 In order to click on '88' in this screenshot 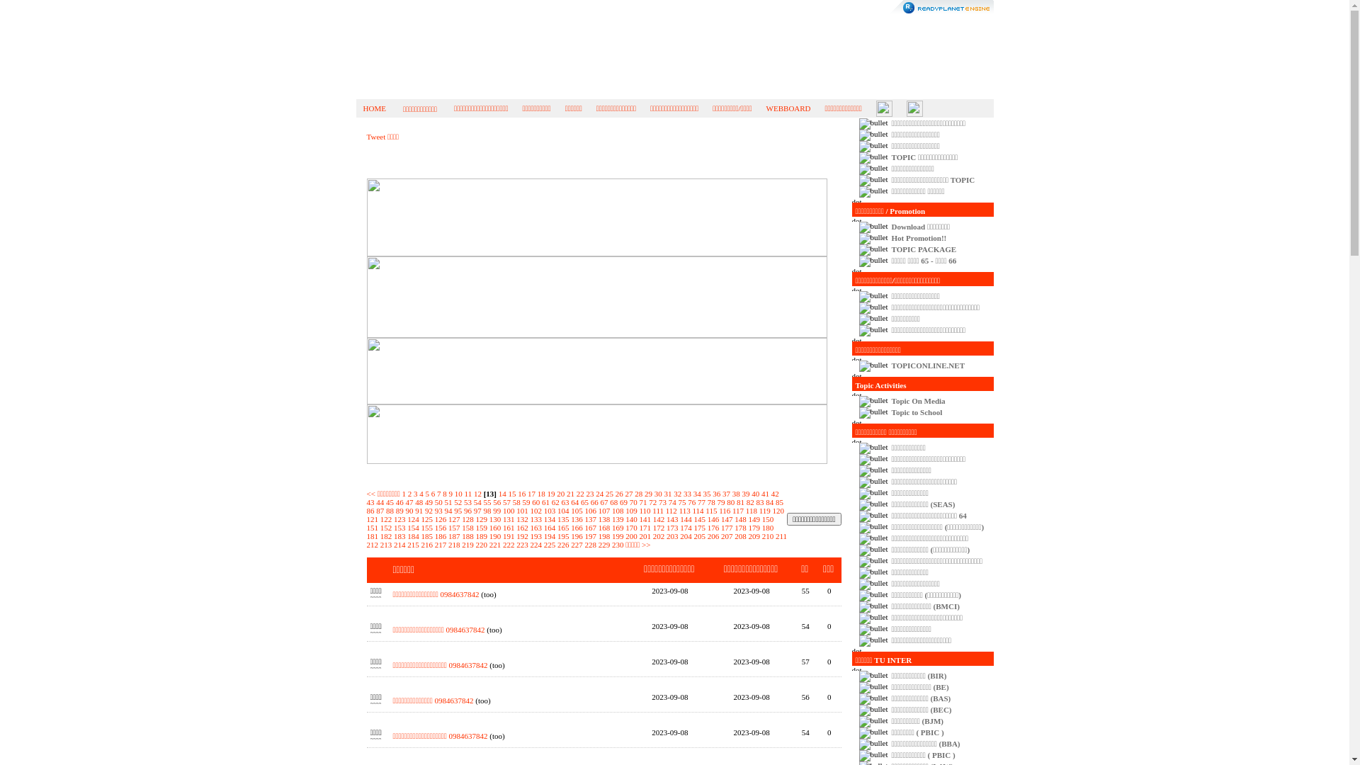, I will do `click(390, 511)`.